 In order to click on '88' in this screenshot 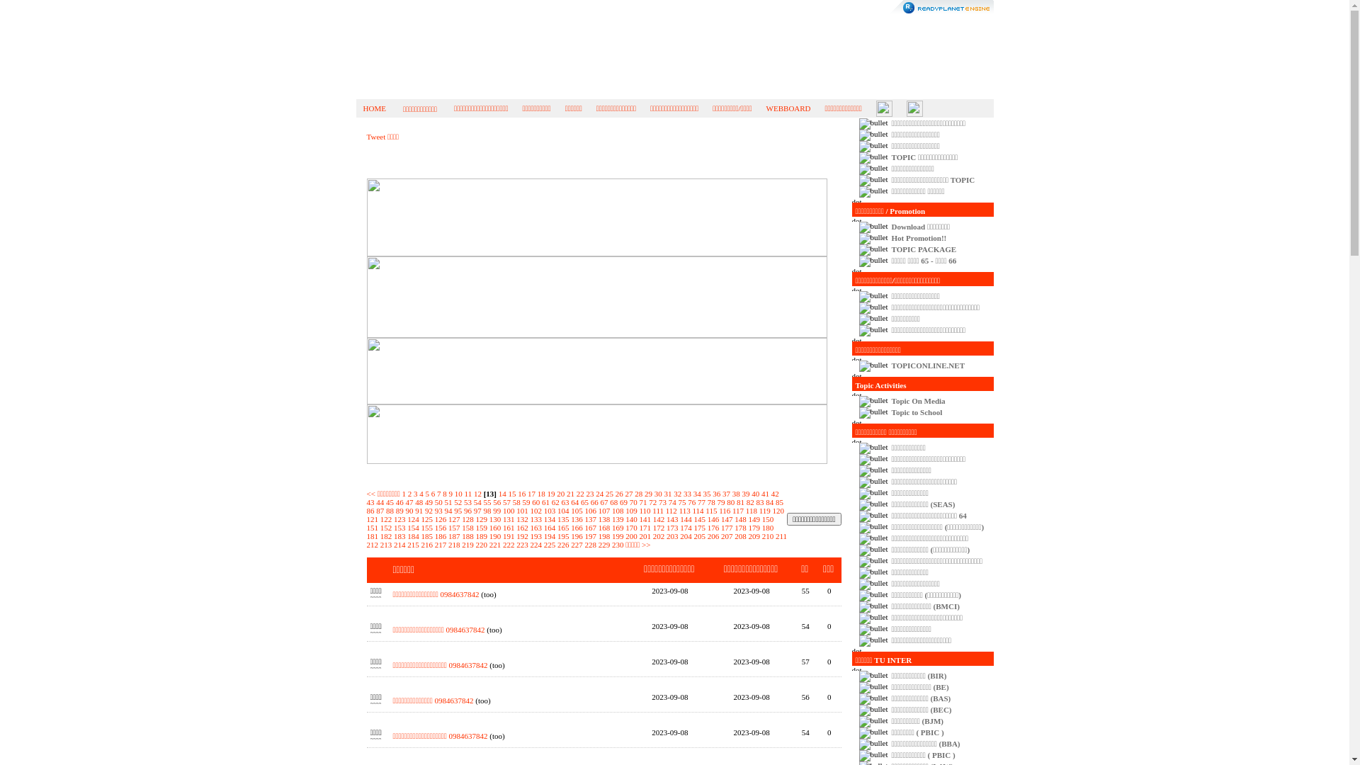, I will do `click(390, 511)`.